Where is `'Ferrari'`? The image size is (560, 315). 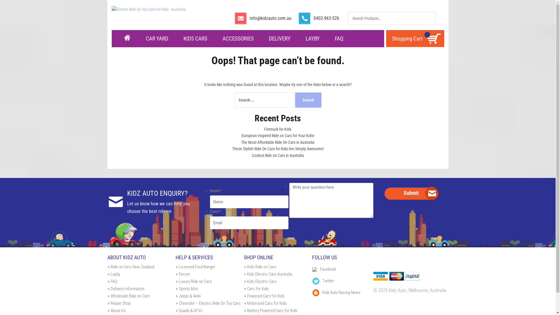 'Ferrari' is located at coordinates (184, 274).